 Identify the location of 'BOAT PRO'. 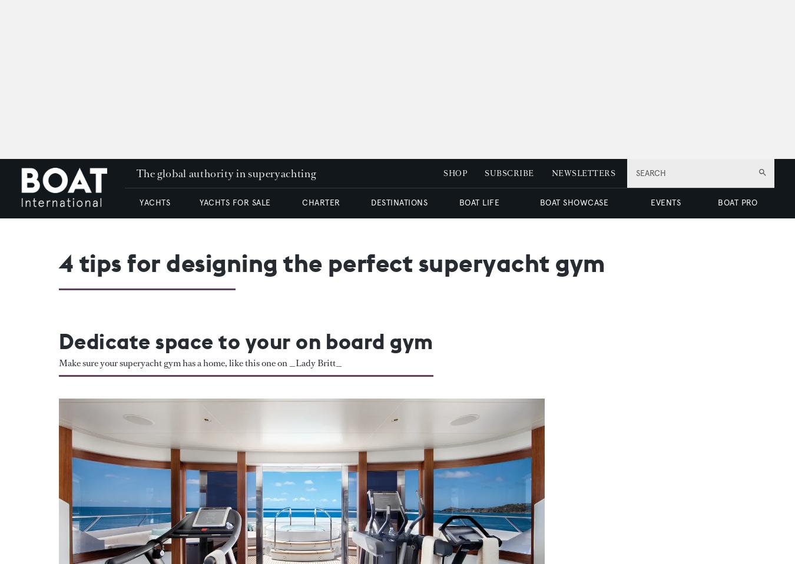
(737, 202).